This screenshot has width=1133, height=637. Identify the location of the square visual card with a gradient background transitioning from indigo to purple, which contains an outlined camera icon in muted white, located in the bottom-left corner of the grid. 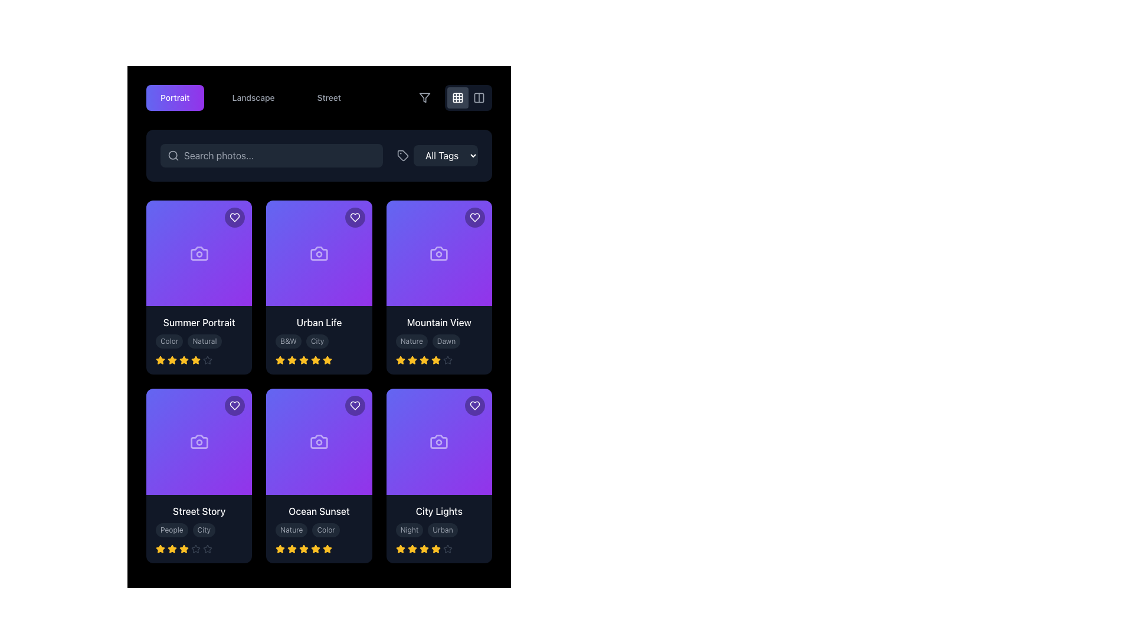
(199, 441).